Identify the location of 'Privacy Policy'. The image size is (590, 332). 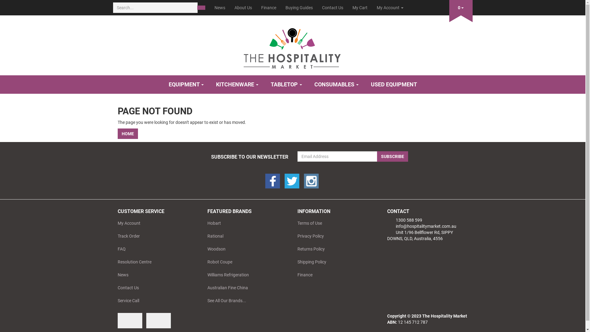
(335, 235).